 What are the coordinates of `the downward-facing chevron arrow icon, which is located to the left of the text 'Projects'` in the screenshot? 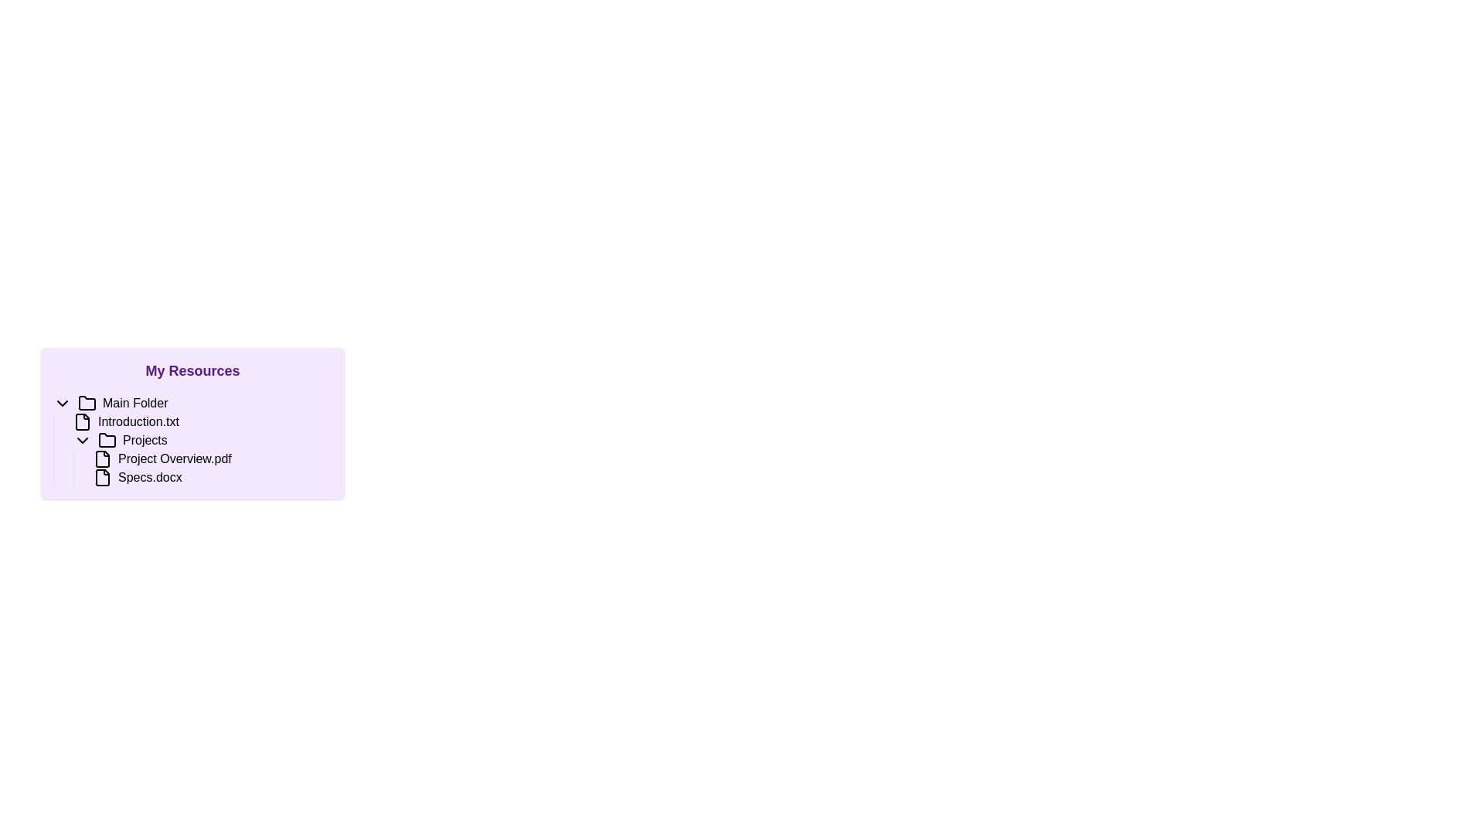 It's located at (81, 441).